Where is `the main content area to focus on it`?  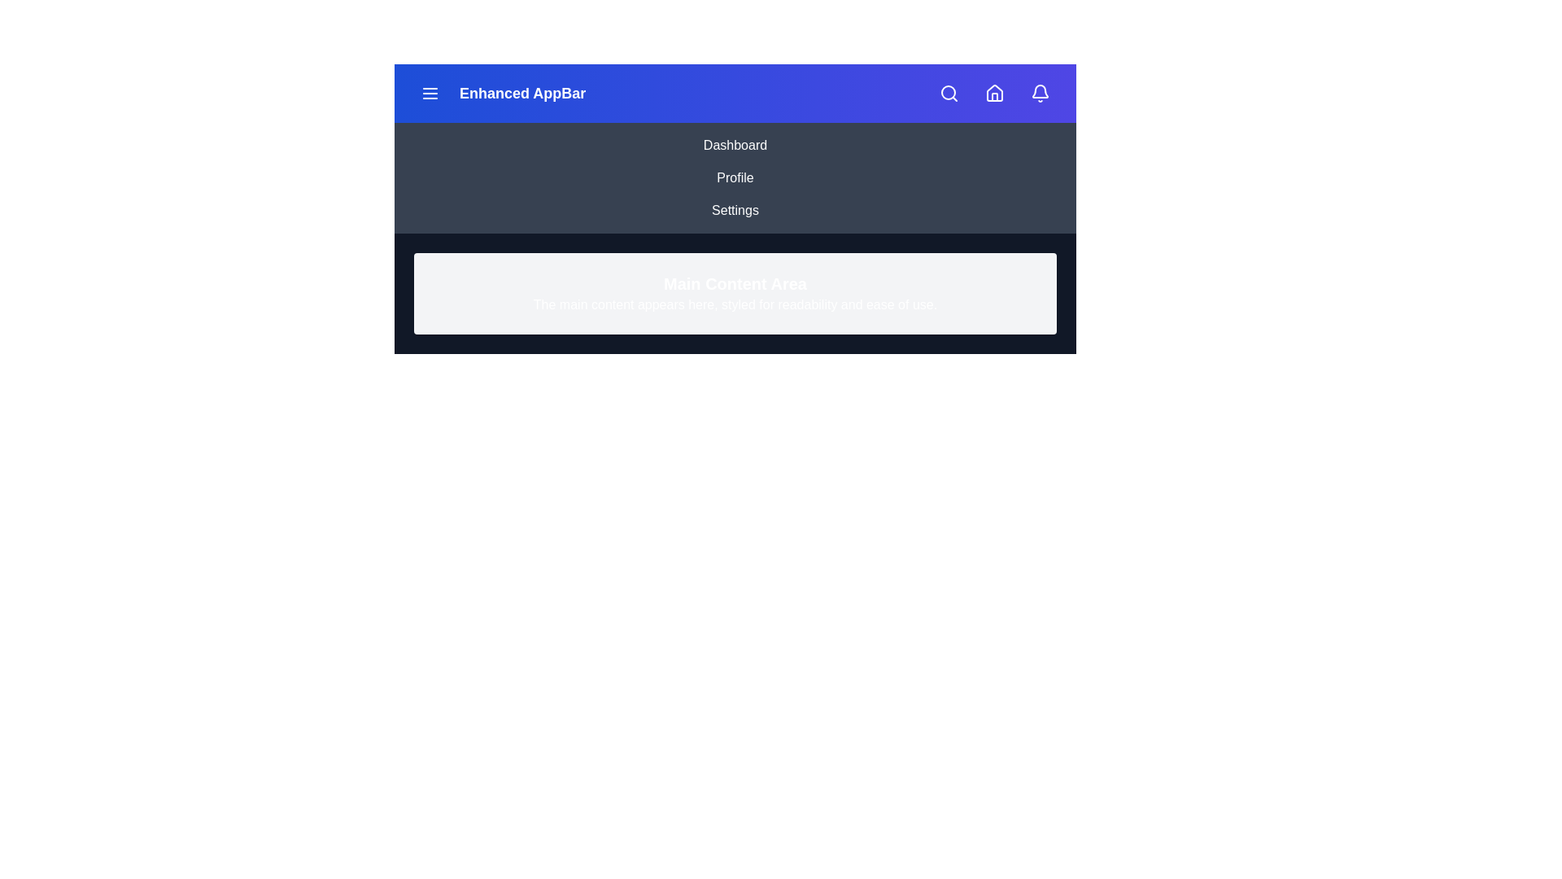 the main content area to focus on it is located at coordinates (734, 294).